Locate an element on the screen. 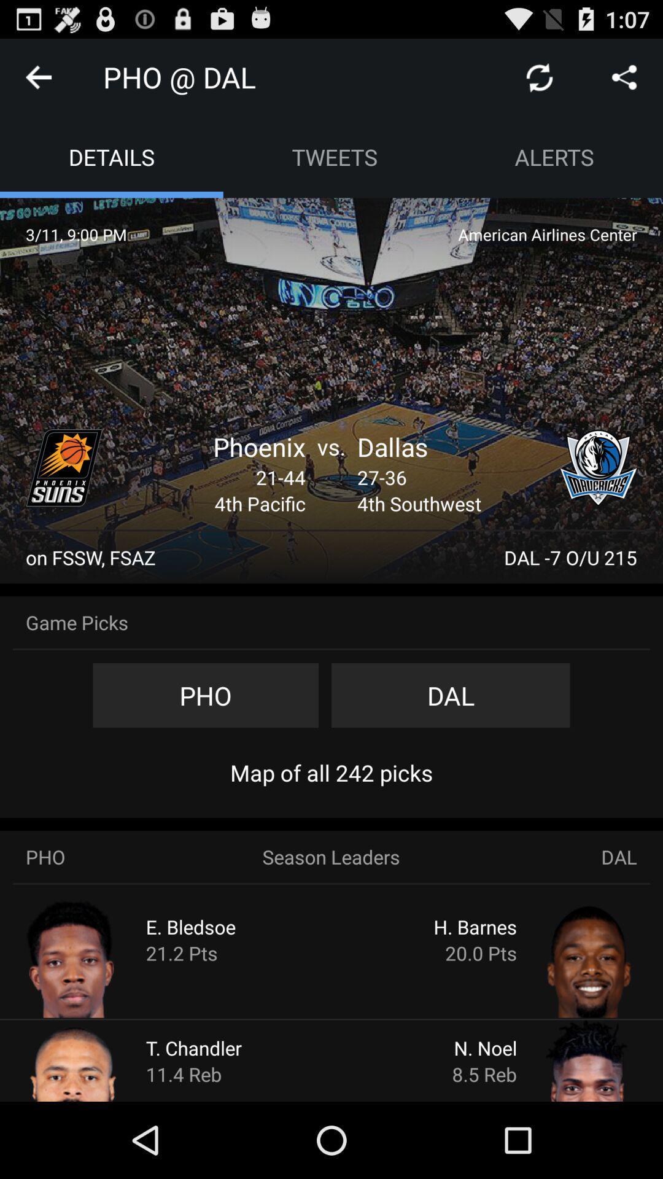 The height and width of the screenshot is (1179, 663). refresh content is located at coordinates (539, 76).